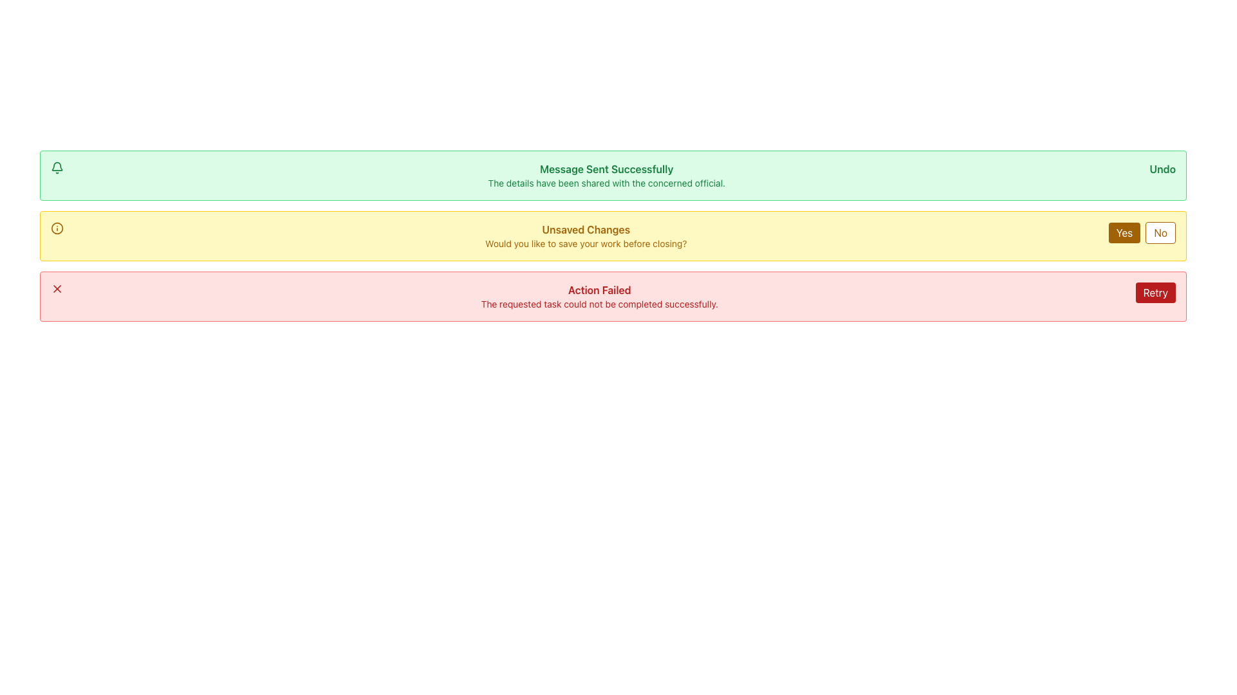  I want to click on the bell-shaped SVG Icon located within the topmost green notification box, positioned to the left of the text 'Message Sent Successfully', so click(57, 167).